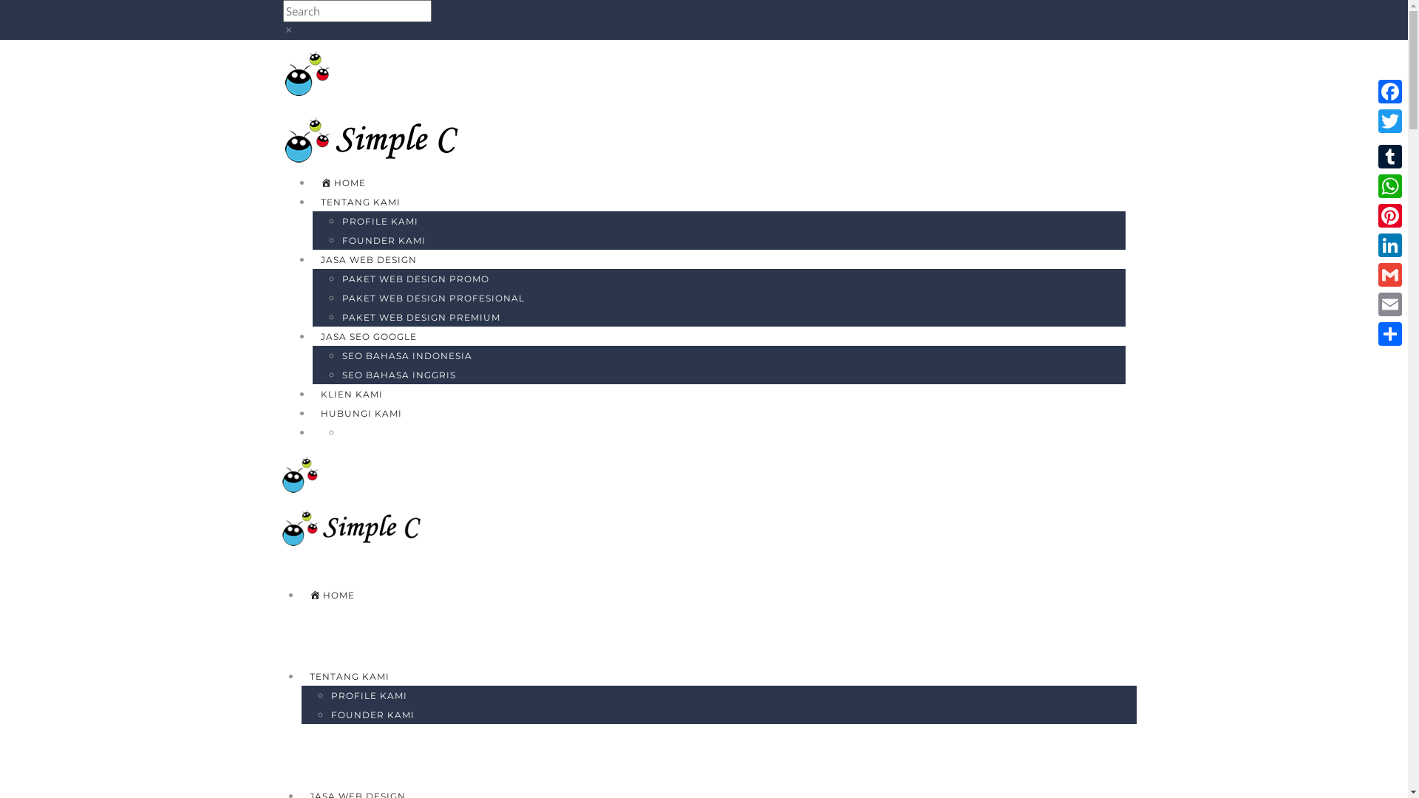 This screenshot has height=798, width=1419. What do you see at coordinates (380, 137) in the screenshot?
I see `'Jasa Web Design Murah'` at bounding box center [380, 137].